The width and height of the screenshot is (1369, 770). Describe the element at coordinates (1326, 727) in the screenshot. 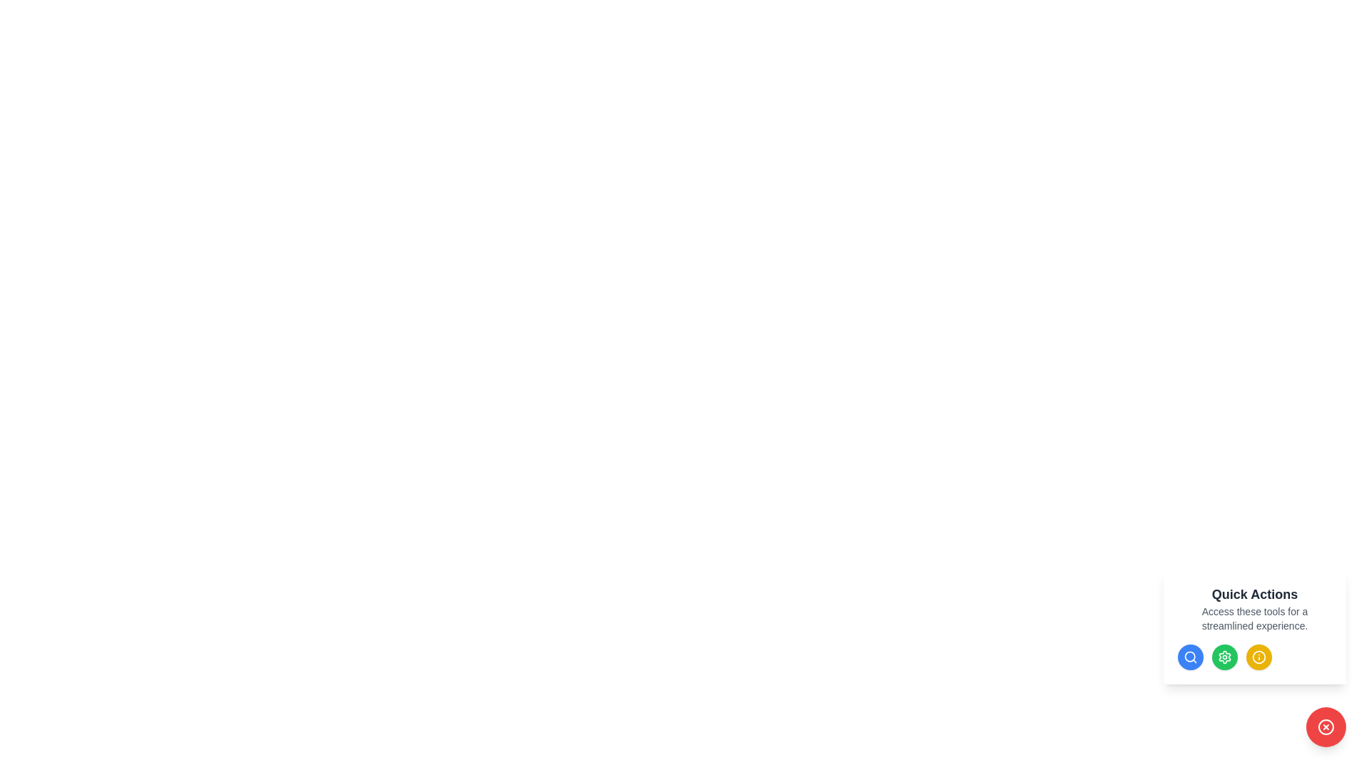

I see `the circular graphical component representing the 'X' icon located at the bottom-right corner of the interface` at that location.